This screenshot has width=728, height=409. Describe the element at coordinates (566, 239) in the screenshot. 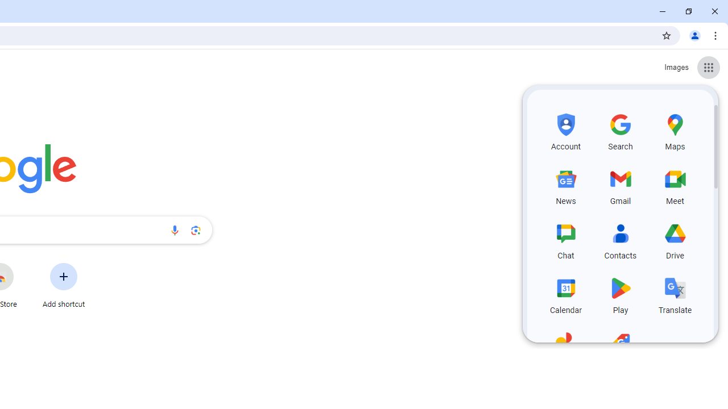

I see `'Chat, row 3 of 5 and column 1 of 3 in the first section'` at that location.